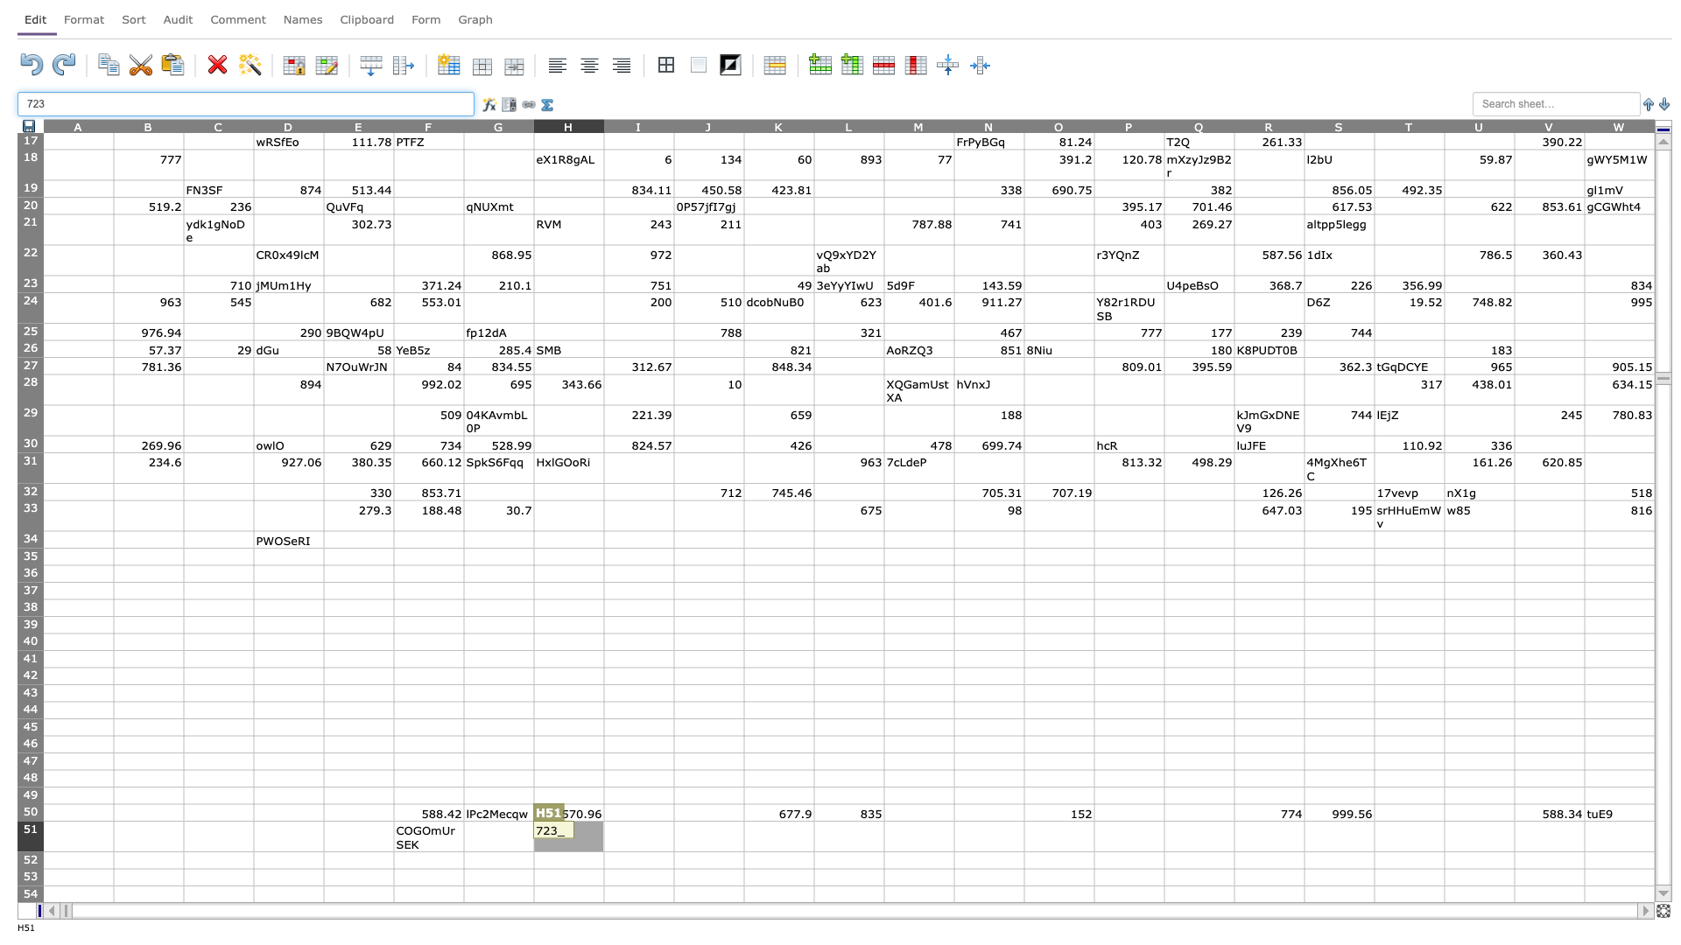 This screenshot has width=1681, height=945. What do you see at coordinates (604, 821) in the screenshot?
I see `Top left corner of I-51` at bounding box center [604, 821].